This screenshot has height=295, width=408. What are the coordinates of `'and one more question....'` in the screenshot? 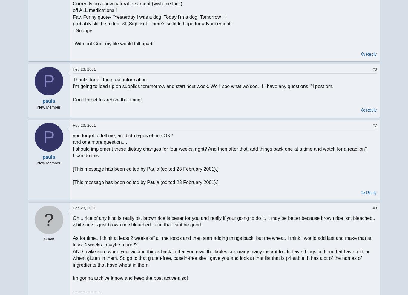 It's located at (73, 142).